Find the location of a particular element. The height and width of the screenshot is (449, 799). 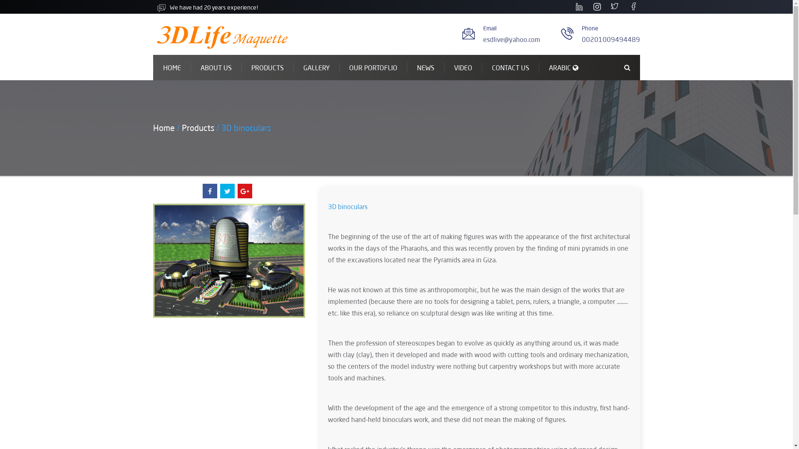

'ARABIC' is located at coordinates (563, 67).